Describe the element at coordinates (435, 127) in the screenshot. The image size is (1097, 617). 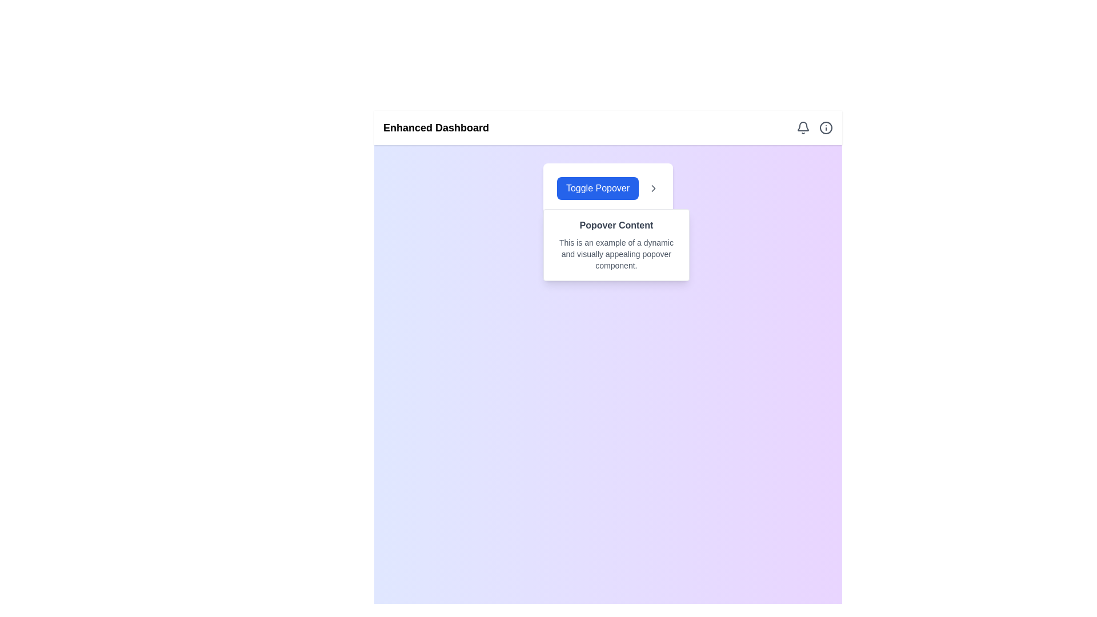
I see `the static text header label positioned on the far-left side of the navigation bar, which indicates the name or purpose of the current dashboard` at that location.